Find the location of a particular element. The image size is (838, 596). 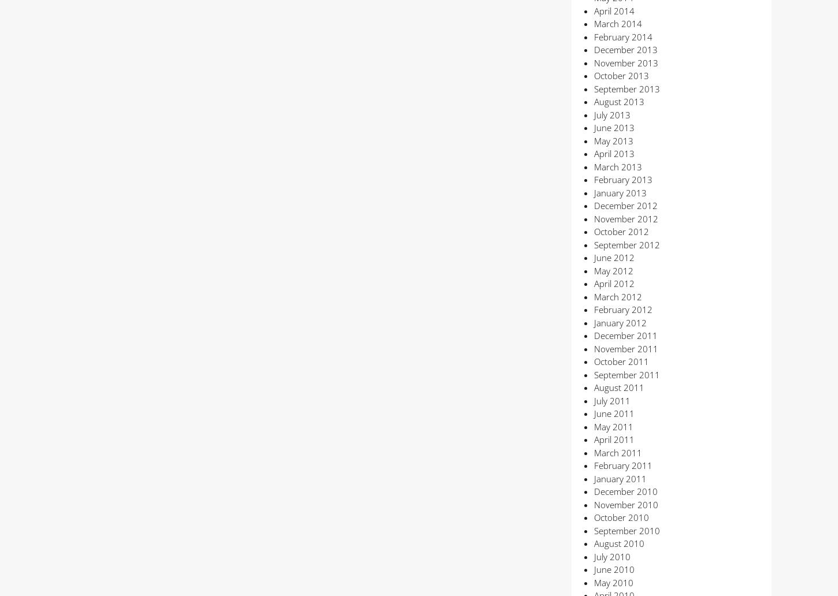

'March 2014' is located at coordinates (617, 23).